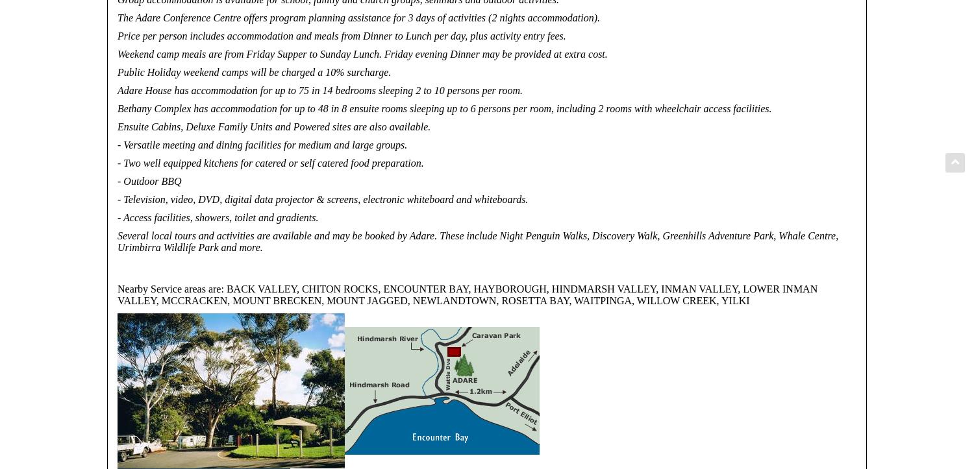 The image size is (974, 469). Describe the element at coordinates (477, 241) in the screenshot. I see `'Several local tours and activities are available and may be booked by Adare. These include Night Penguin Walks, Discovery Walk, Greenhills Adventure Park, Whale Centre, Urimbirra Wildlife Park and more.'` at that location.